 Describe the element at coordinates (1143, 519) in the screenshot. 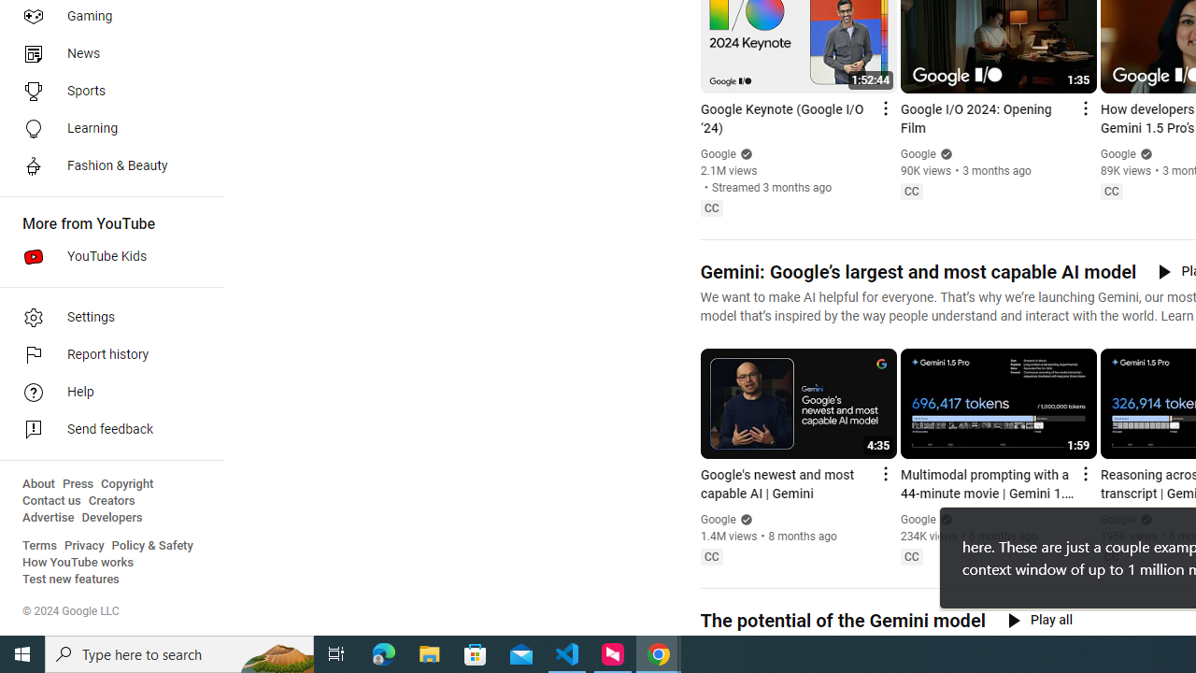

I see `'Verified'` at that location.